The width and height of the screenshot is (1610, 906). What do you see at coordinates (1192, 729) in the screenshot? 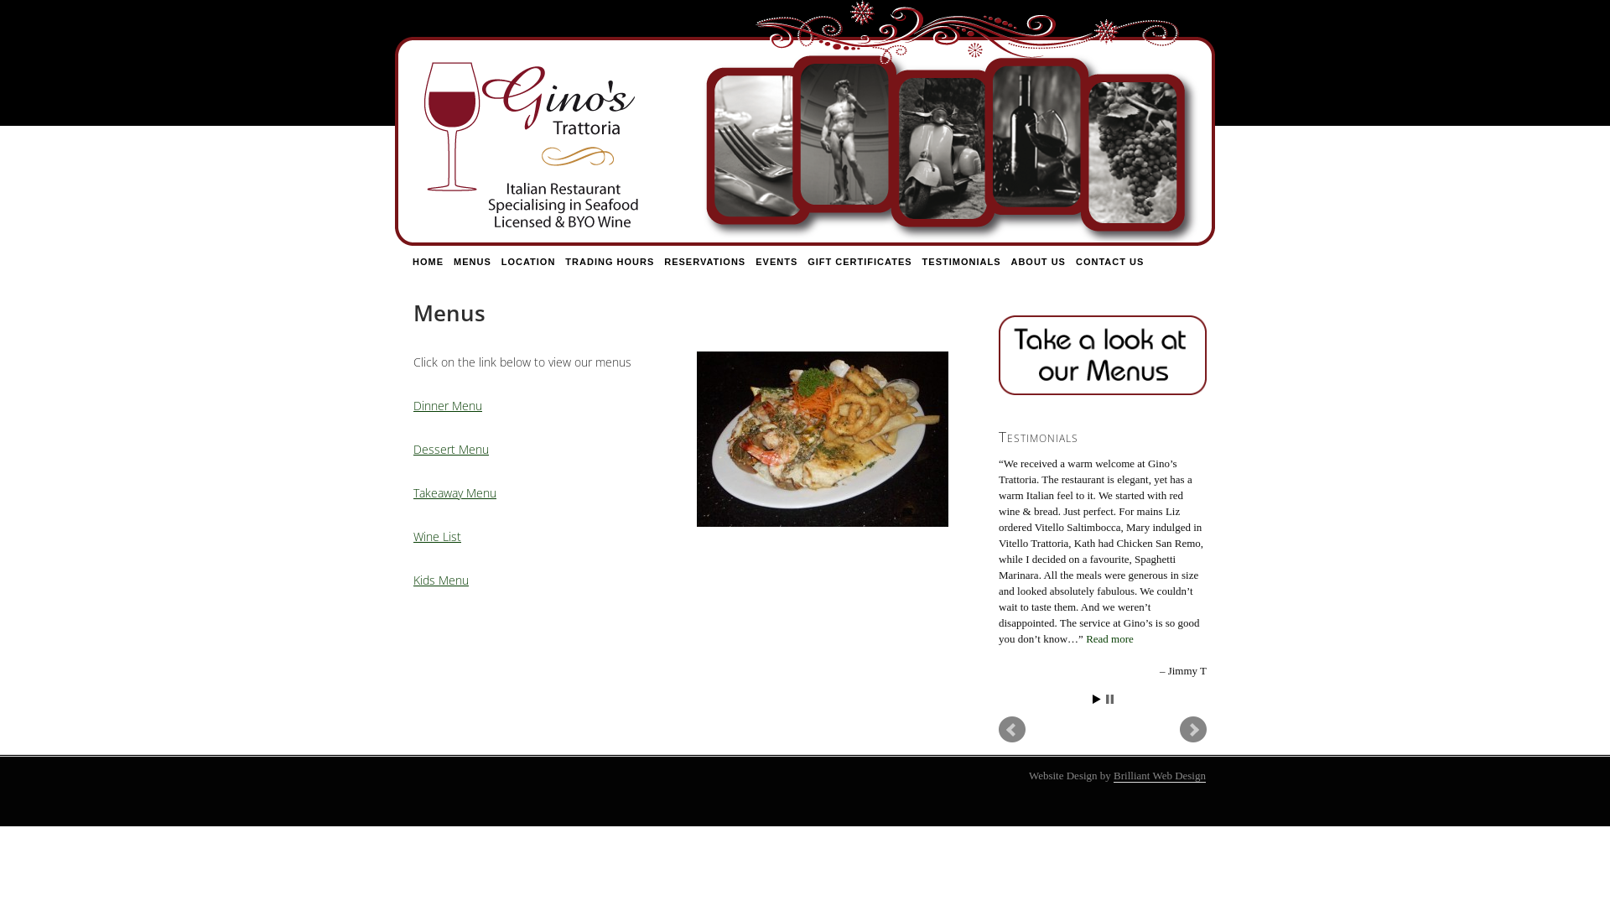
I see `'Next'` at bounding box center [1192, 729].